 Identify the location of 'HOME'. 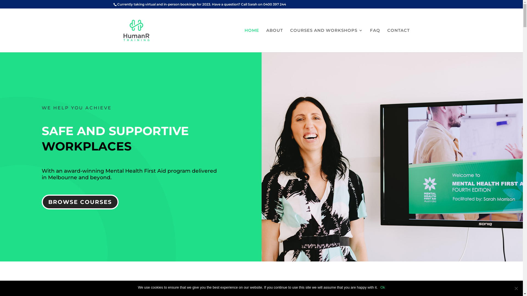
(251, 40).